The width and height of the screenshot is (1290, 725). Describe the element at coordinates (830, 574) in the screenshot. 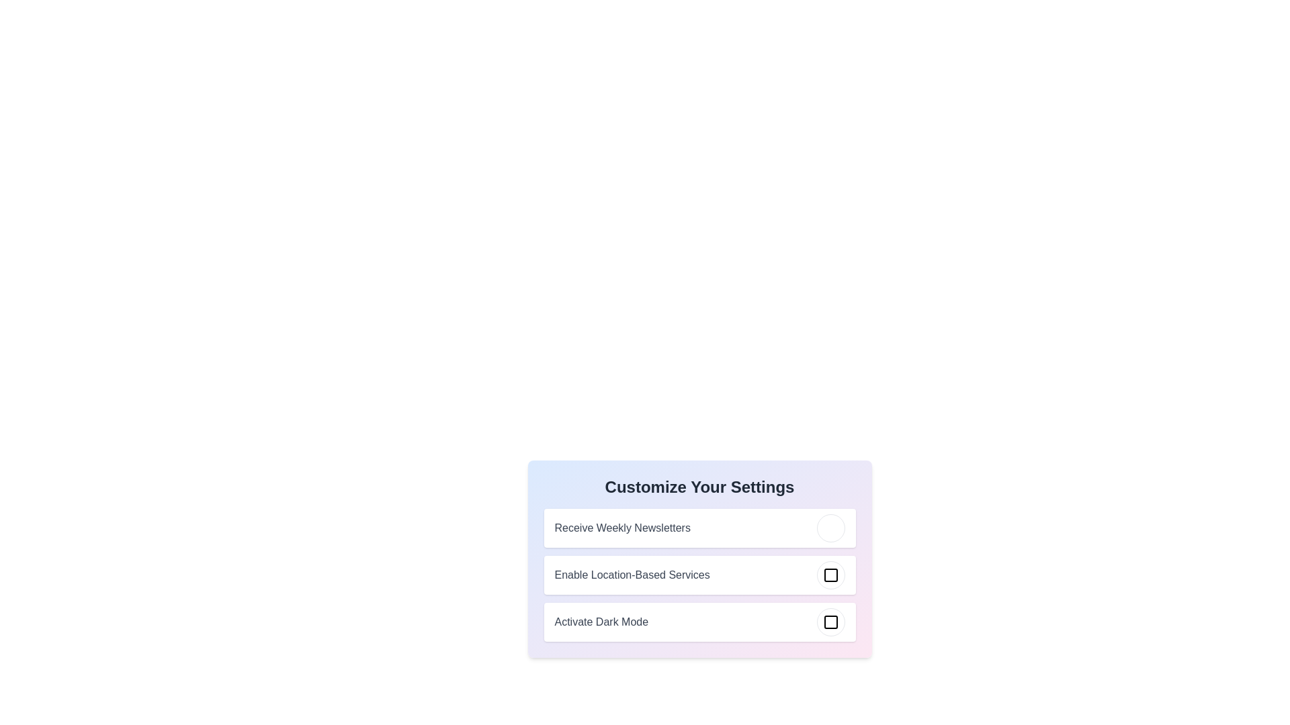

I see `the checkbox indicating 'Enable Location-Based Services'` at that location.